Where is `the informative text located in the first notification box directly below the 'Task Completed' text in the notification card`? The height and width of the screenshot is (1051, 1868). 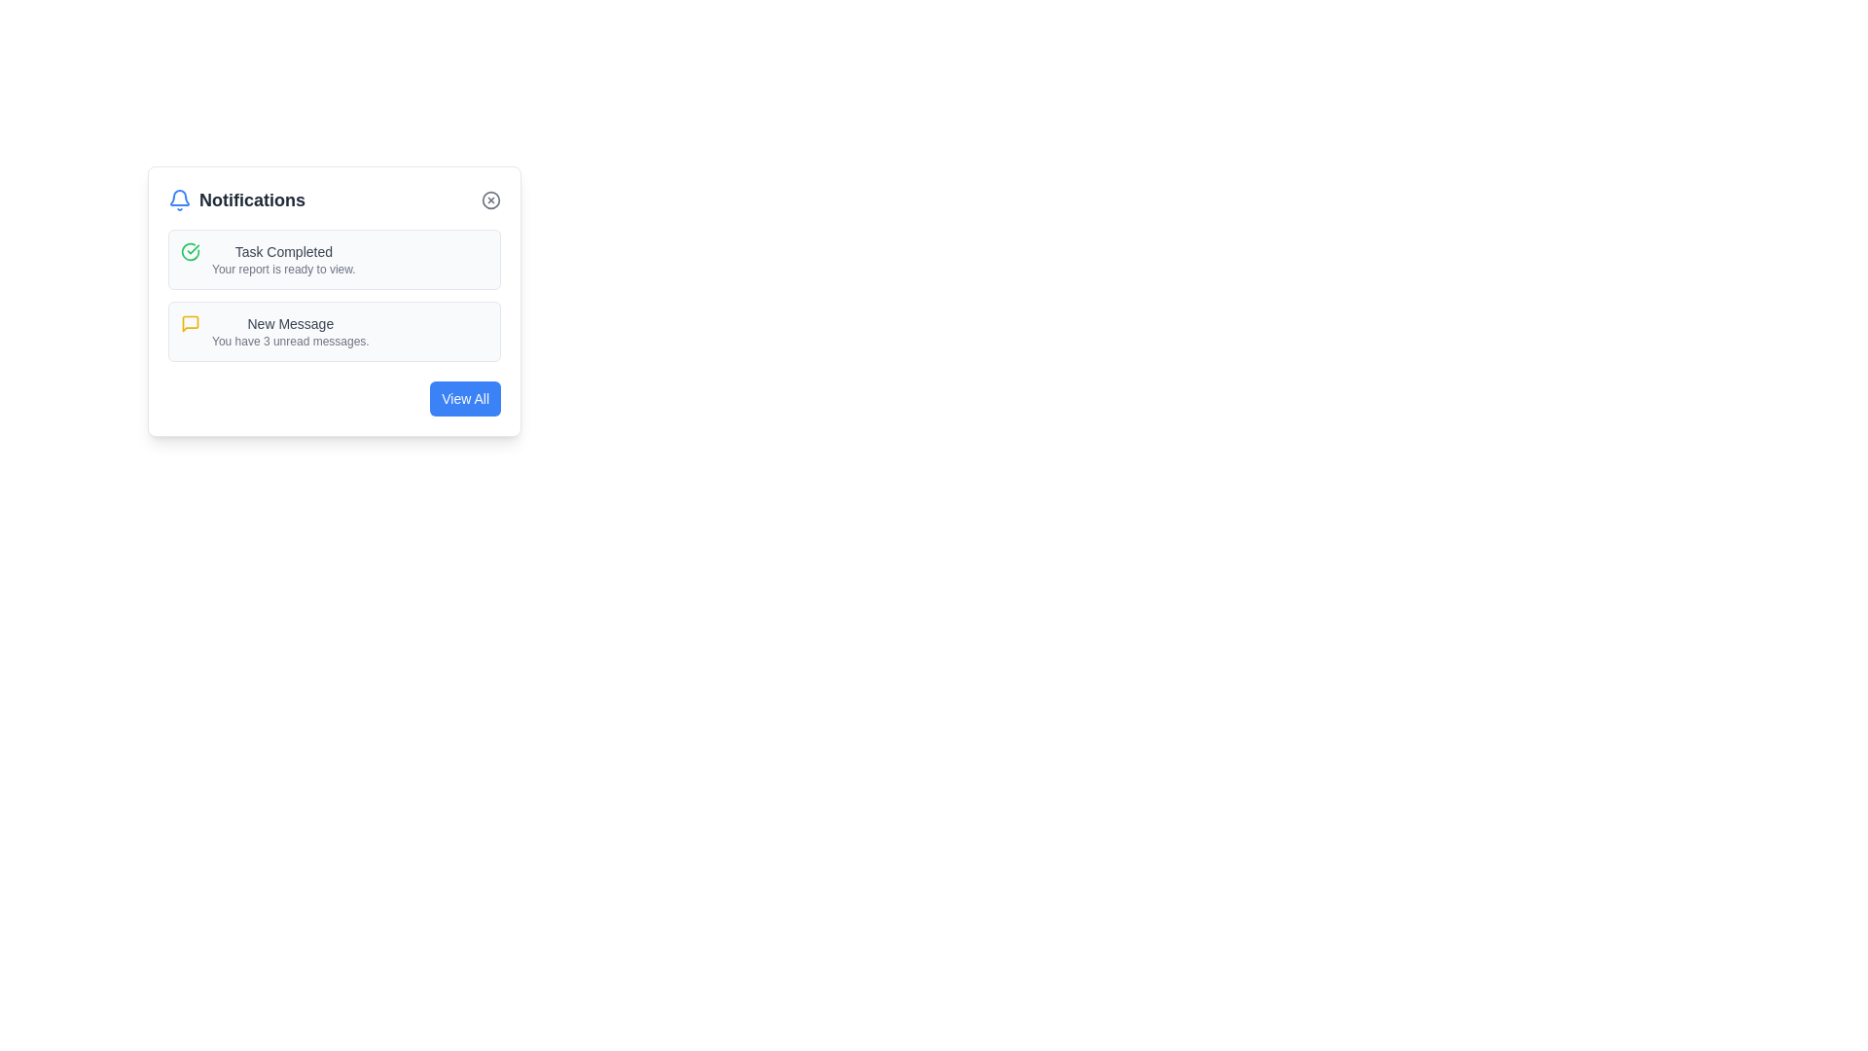
the informative text located in the first notification box directly below the 'Task Completed' text in the notification card is located at coordinates (282, 270).